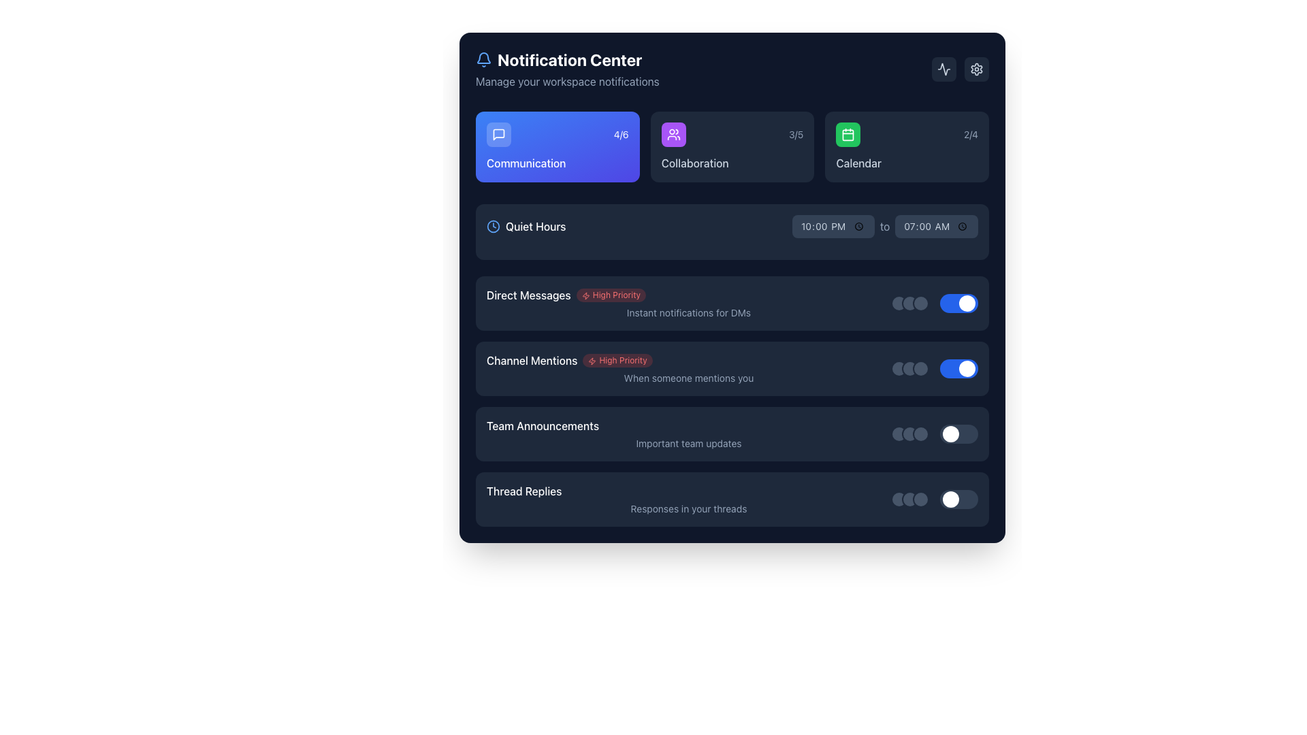  Describe the element at coordinates (483, 59) in the screenshot. I see `the notification center icon located at the top-left corner of the main interface, next` at that location.